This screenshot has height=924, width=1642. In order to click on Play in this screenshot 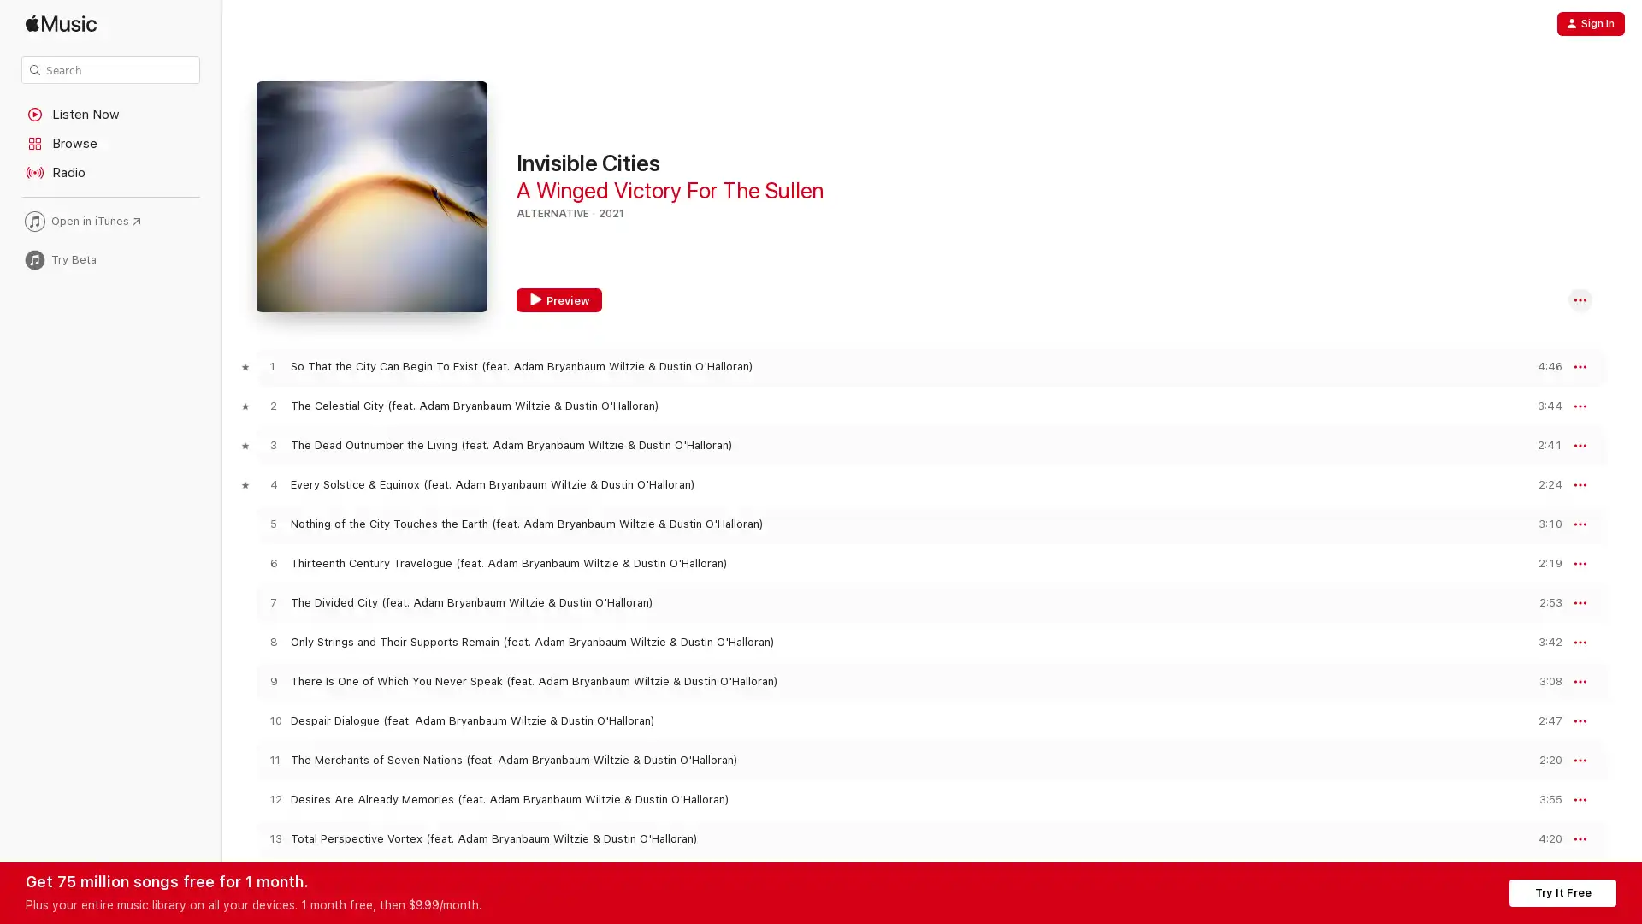, I will do `click(272, 680)`.